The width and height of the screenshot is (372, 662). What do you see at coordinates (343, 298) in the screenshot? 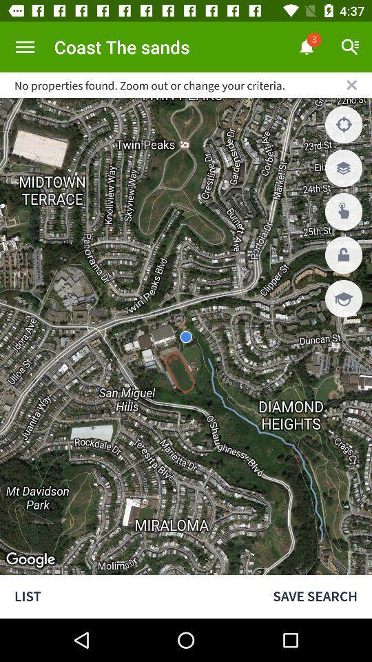
I see `the last icon on the right row` at bounding box center [343, 298].